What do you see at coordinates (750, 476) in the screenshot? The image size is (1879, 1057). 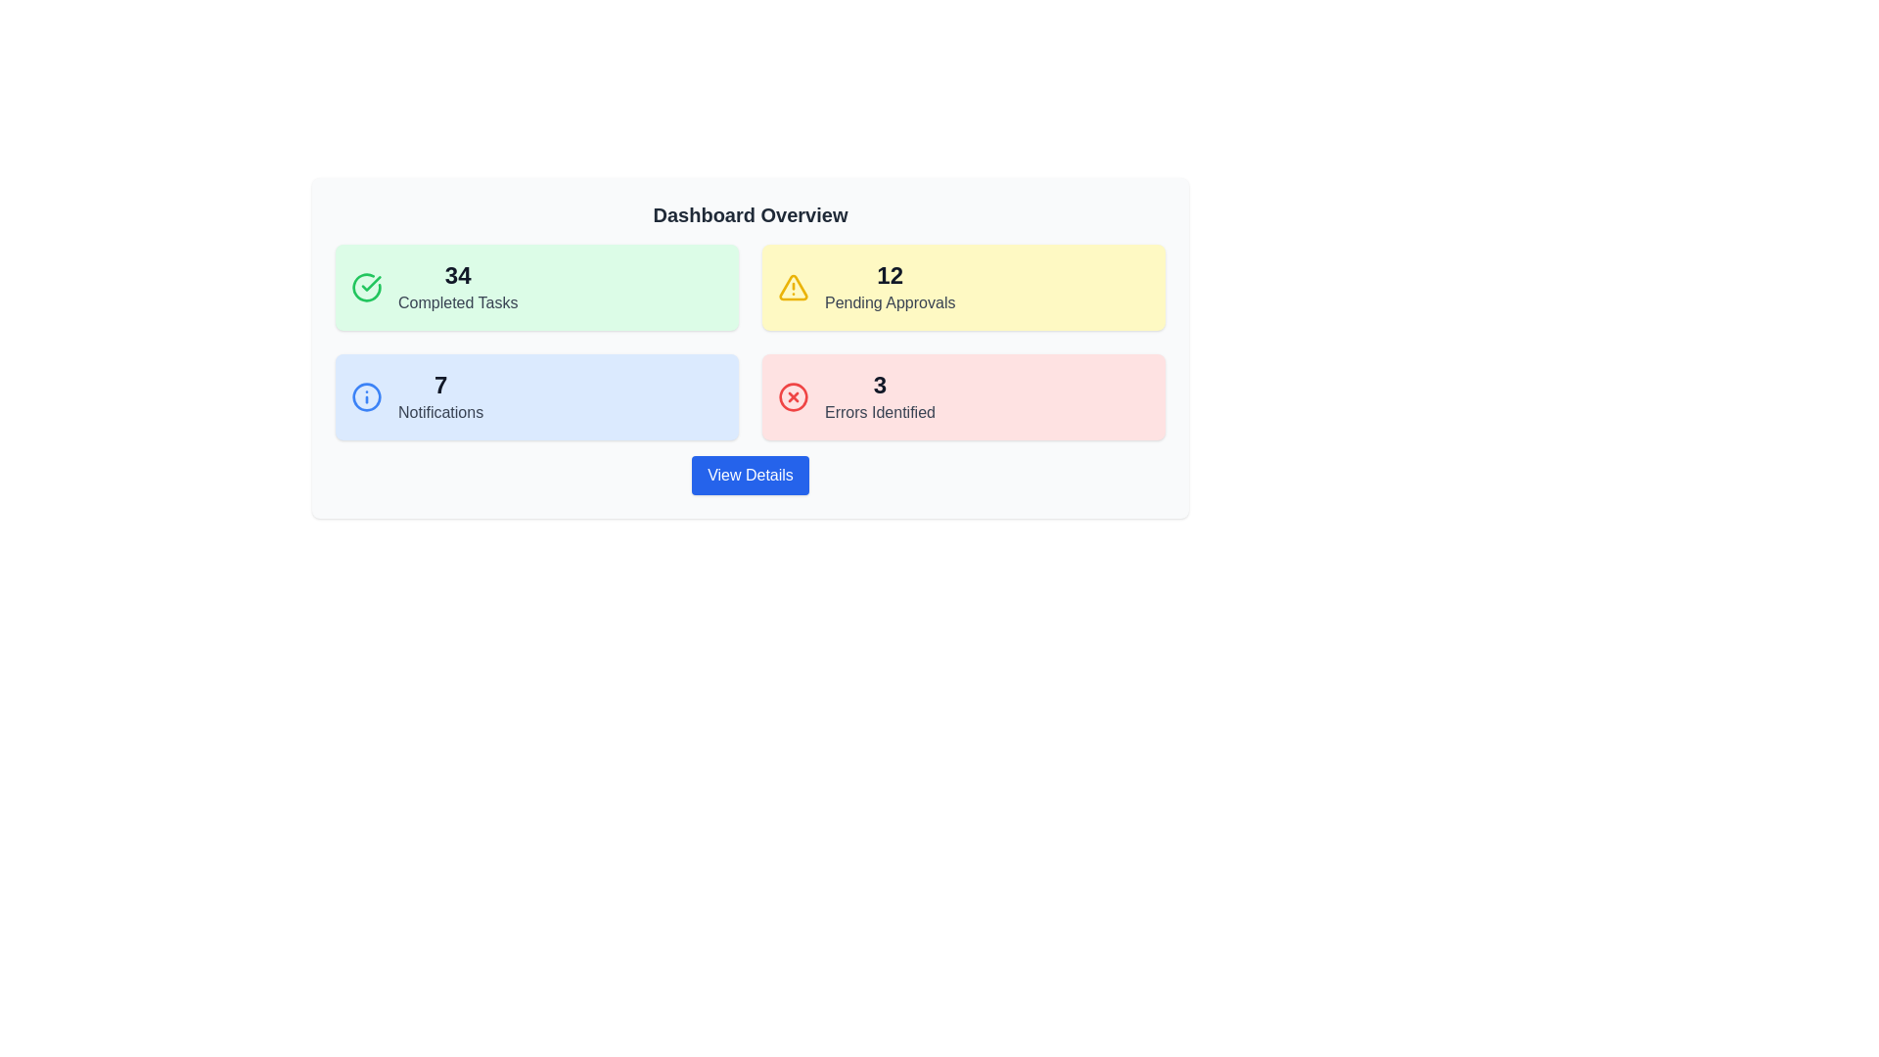 I see `the button located at the bottom of the dashboard interface that navigates users to a detailed view of the dashboard overview` at bounding box center [750, 476].